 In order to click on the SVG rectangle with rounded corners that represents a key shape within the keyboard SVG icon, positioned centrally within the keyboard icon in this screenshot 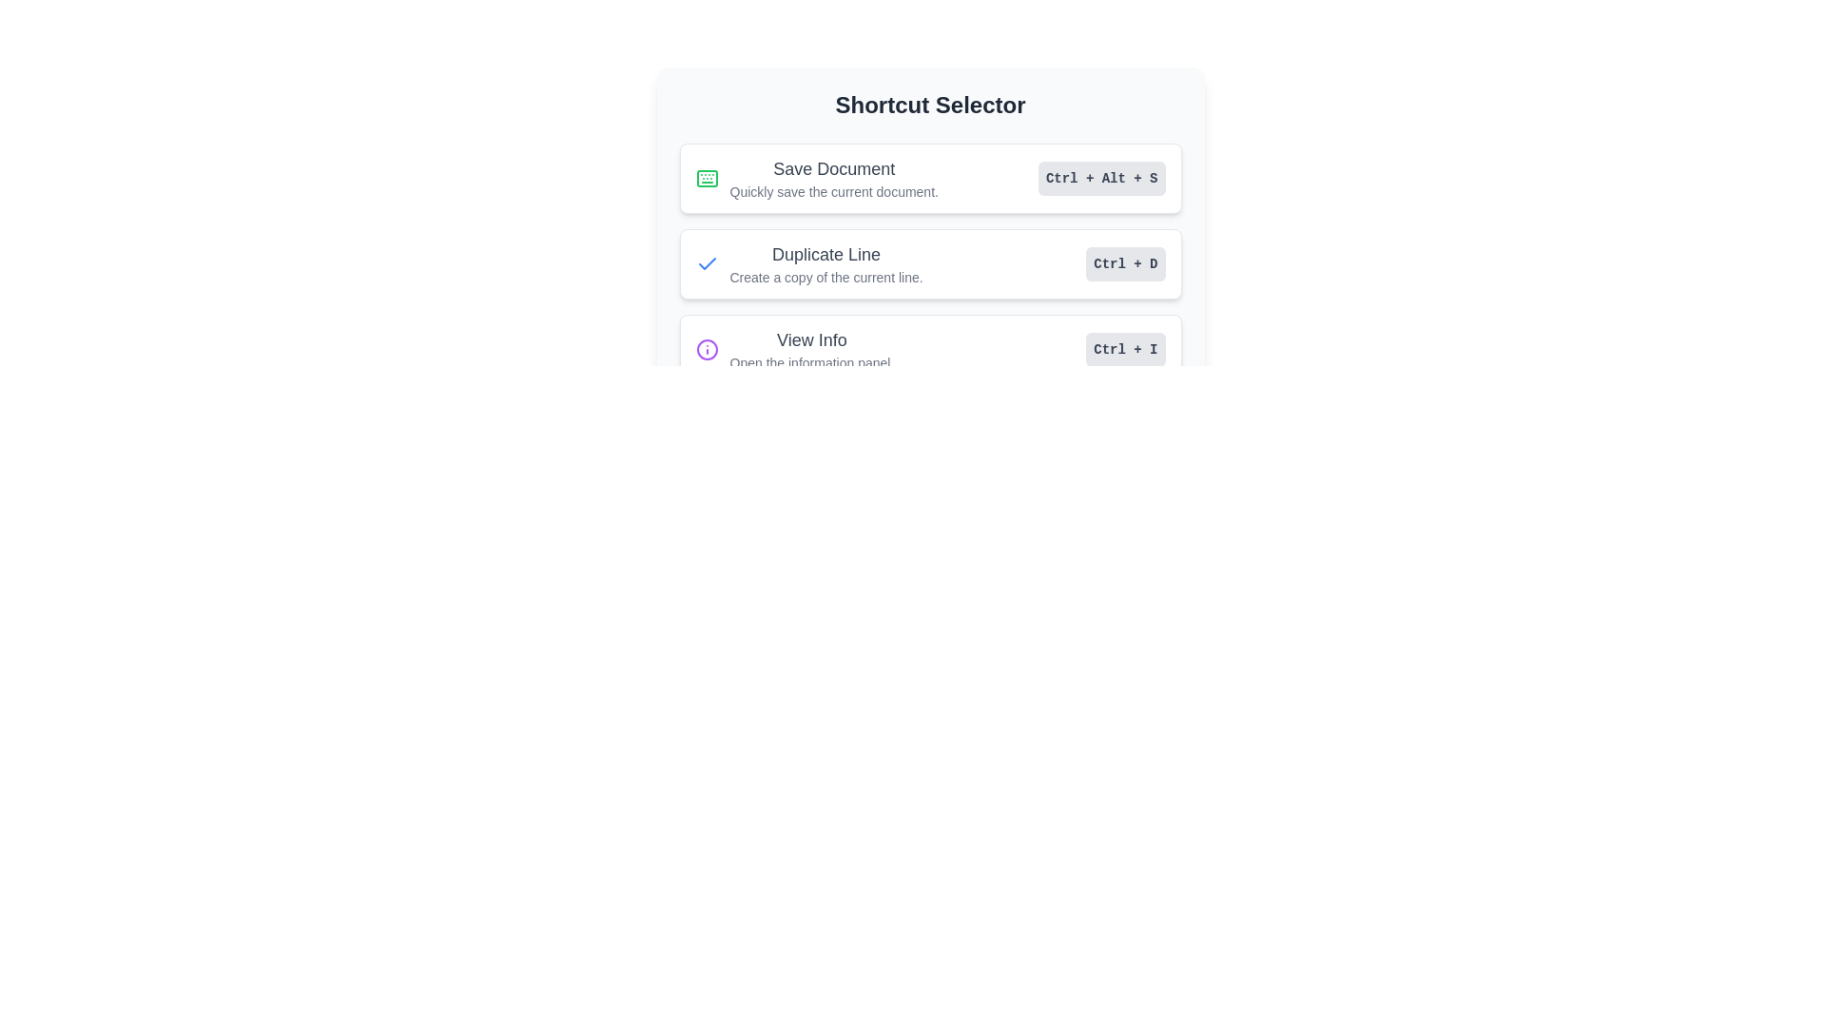, I will do `click(706, 179)`.